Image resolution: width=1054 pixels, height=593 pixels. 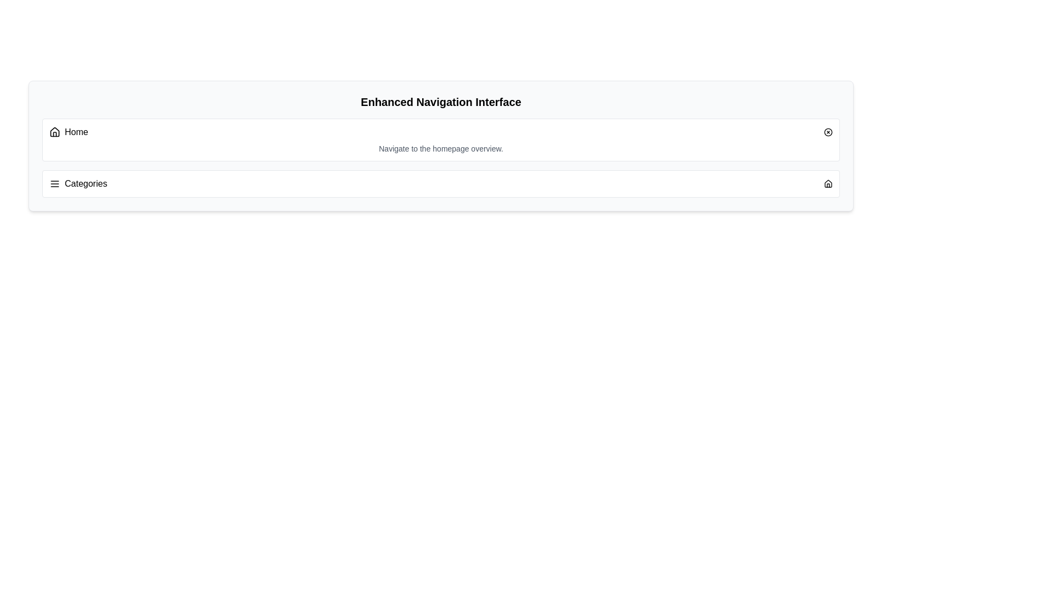 I want to click on the text label displaying 'Categories', which is bold and black, positioned next to a vertical menu icon with three horizontal lines, so click(x=85, y=183).